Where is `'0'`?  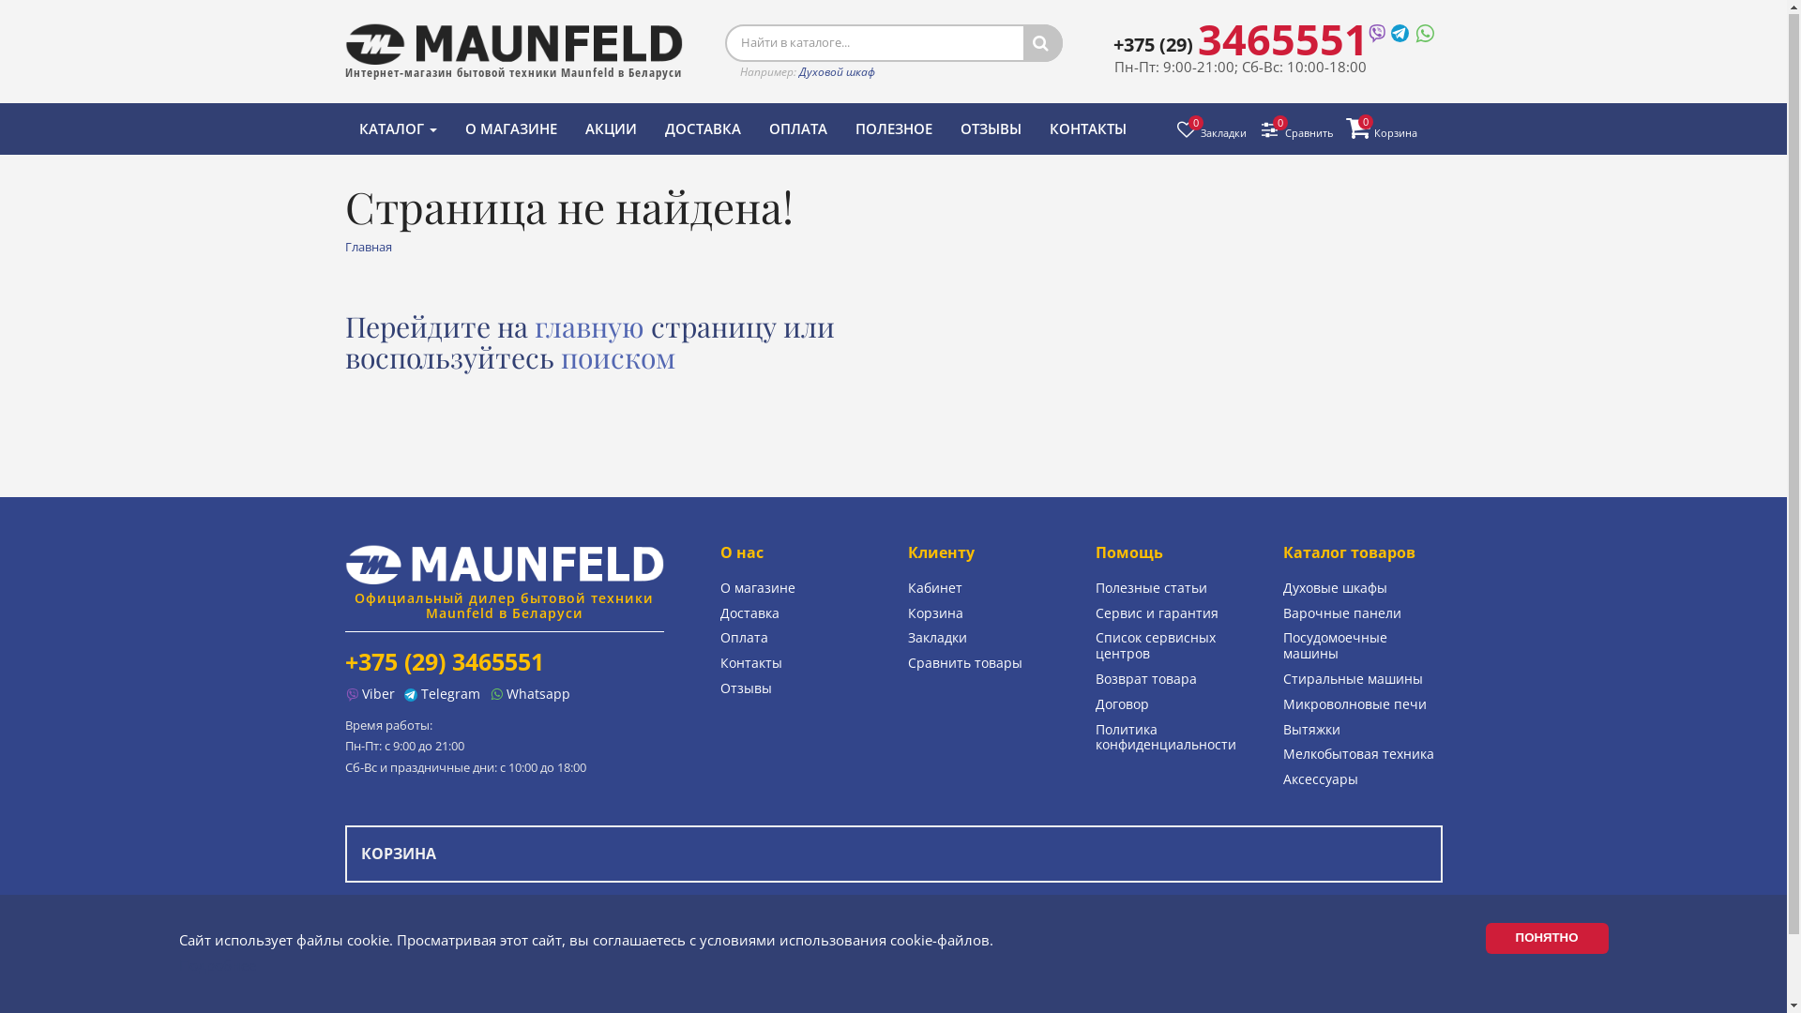
'0' is located at coordinates (1365, 123).